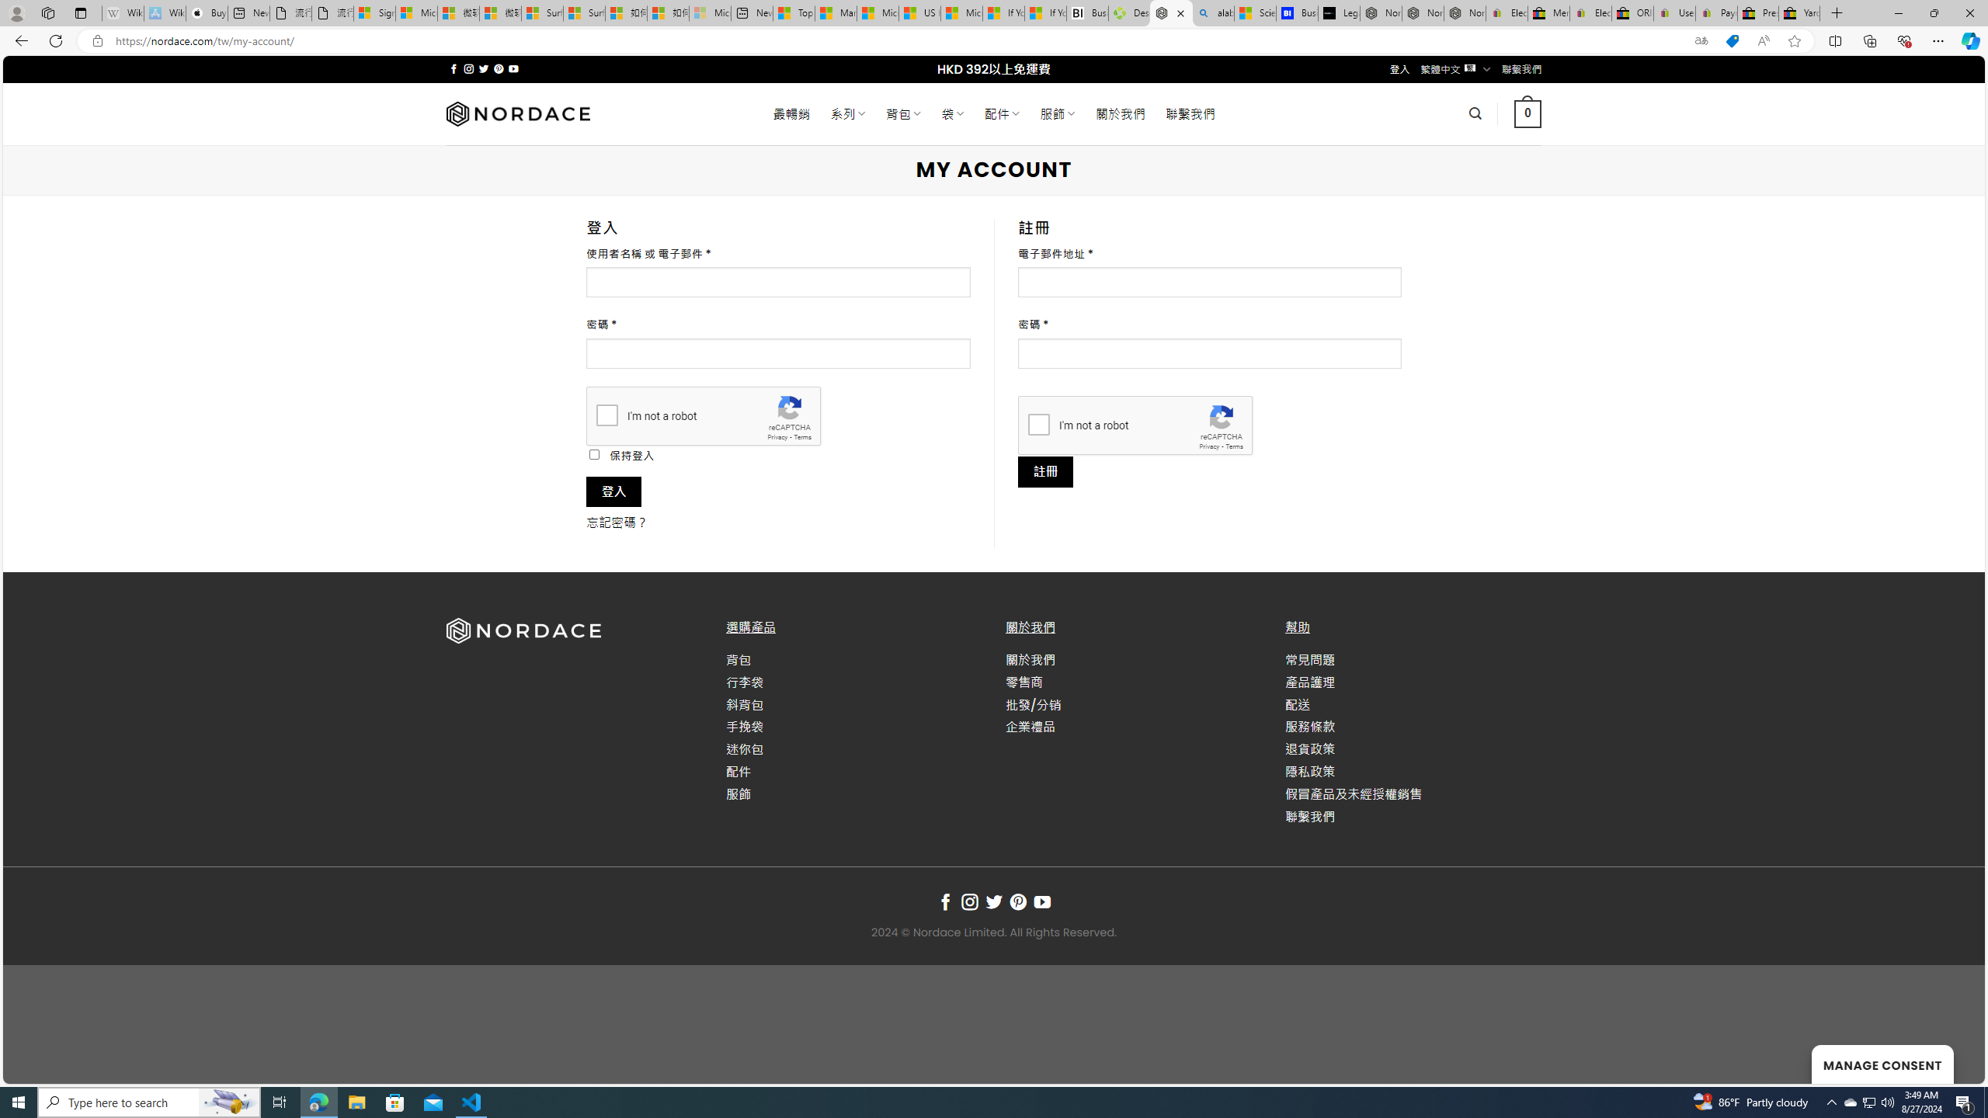  What do you see at coordinates (994, 901) in the screenshot?
I see `'Follow on Twitter'` at bounding box center [994, 901].